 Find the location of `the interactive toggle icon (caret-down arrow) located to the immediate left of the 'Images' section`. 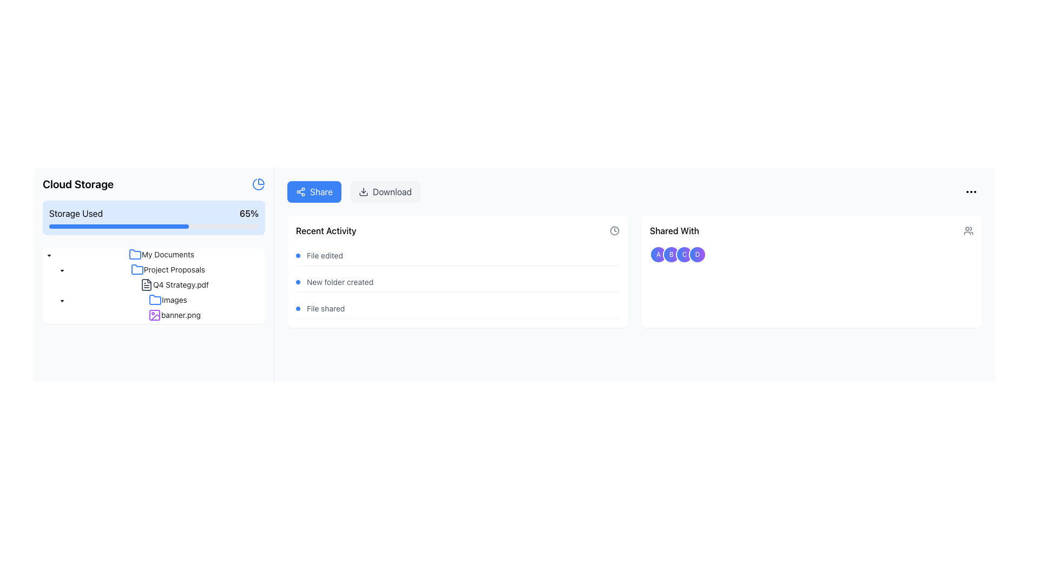

the interactive toggle icon (caret-down arrow) located to the immediate left of the 'Images' section is located at coordinates (62, 300).